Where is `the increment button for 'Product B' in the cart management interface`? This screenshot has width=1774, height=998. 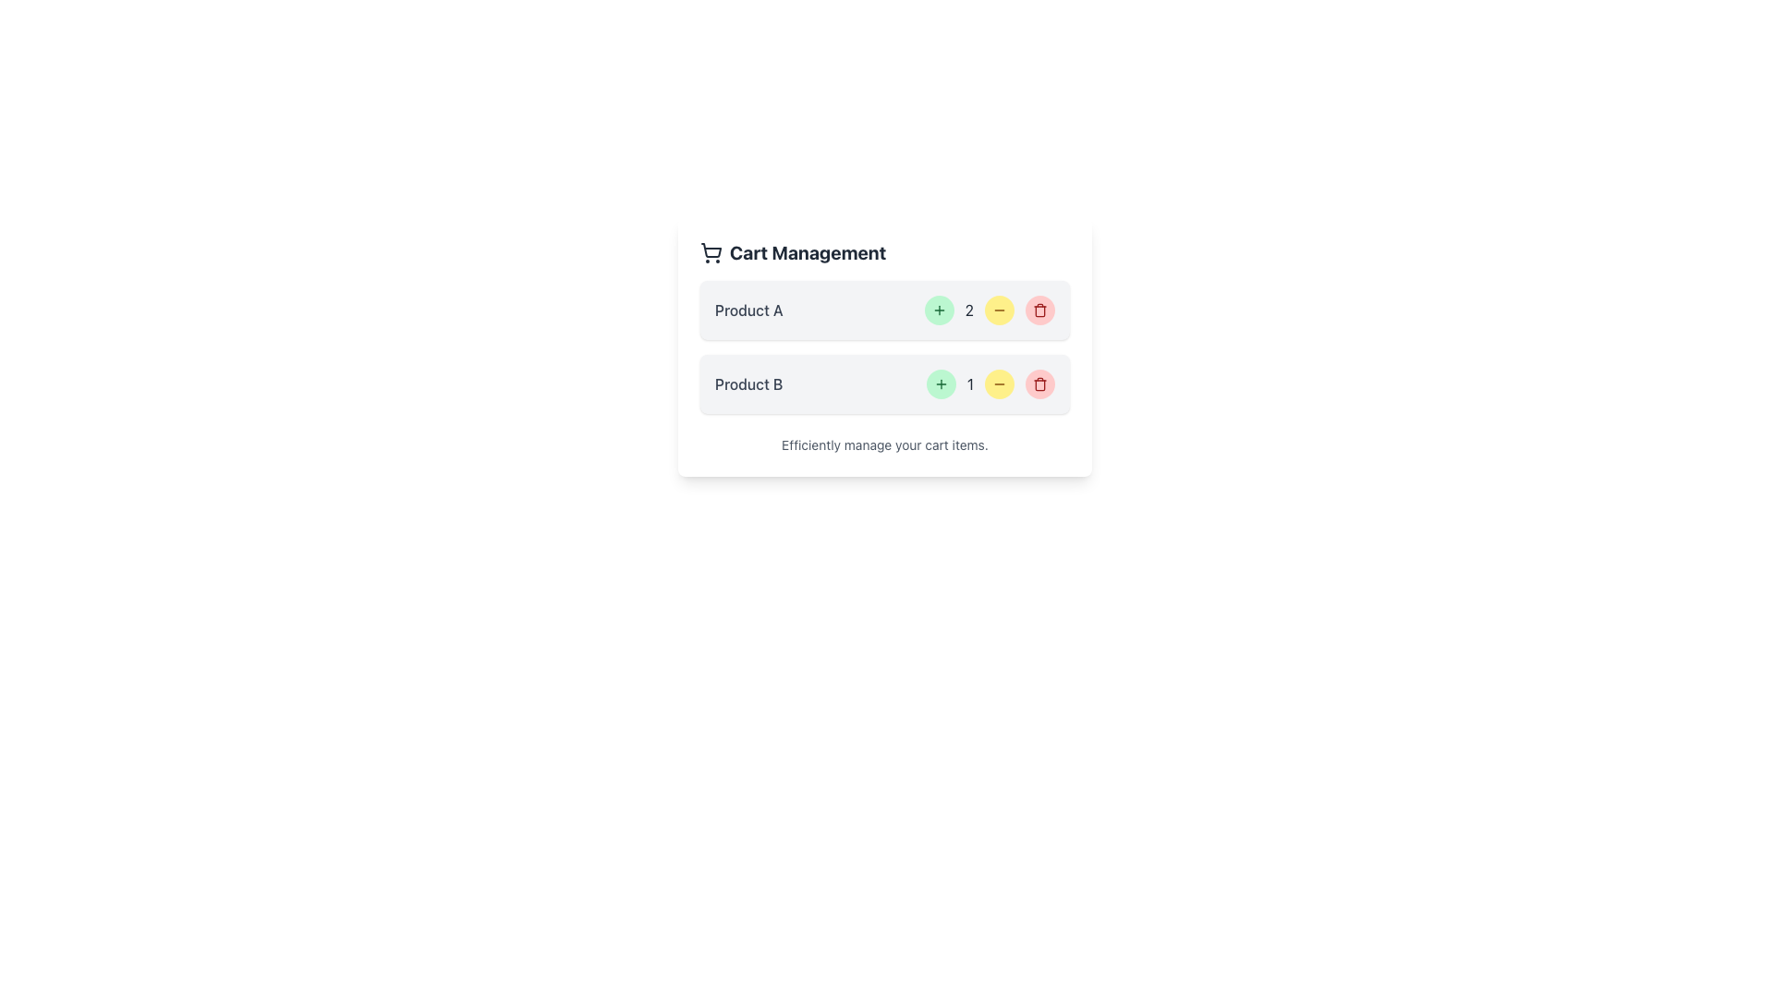
the increment button for 'Product B' in the cart management interface is located at coordinates (941, 383).